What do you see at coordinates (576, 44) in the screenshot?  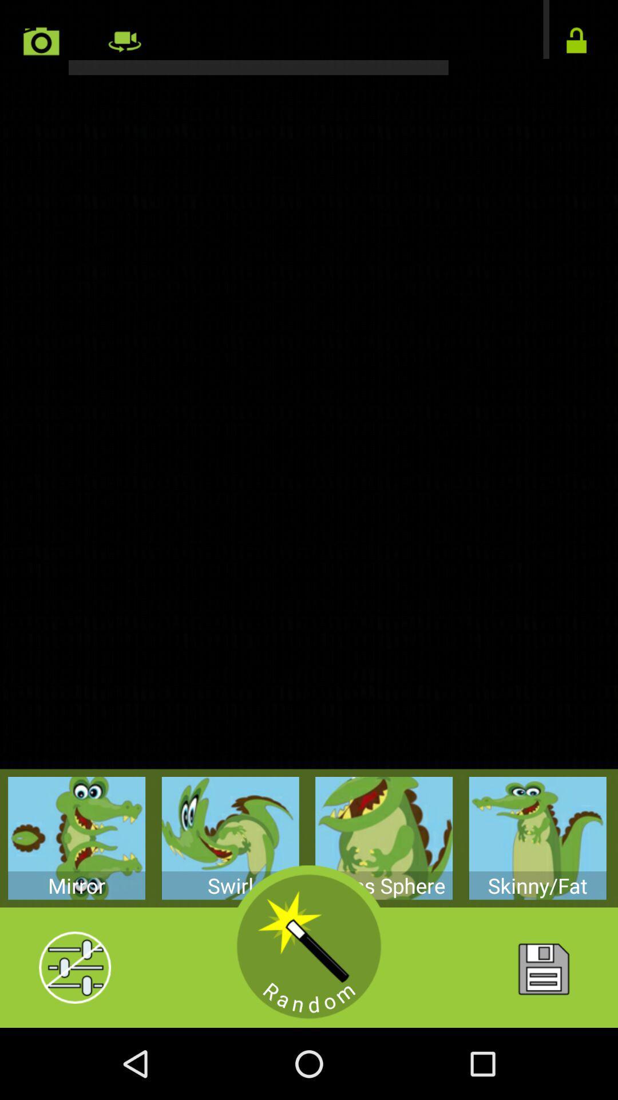 I see `the lock icon` at bounding box center [576, 44].